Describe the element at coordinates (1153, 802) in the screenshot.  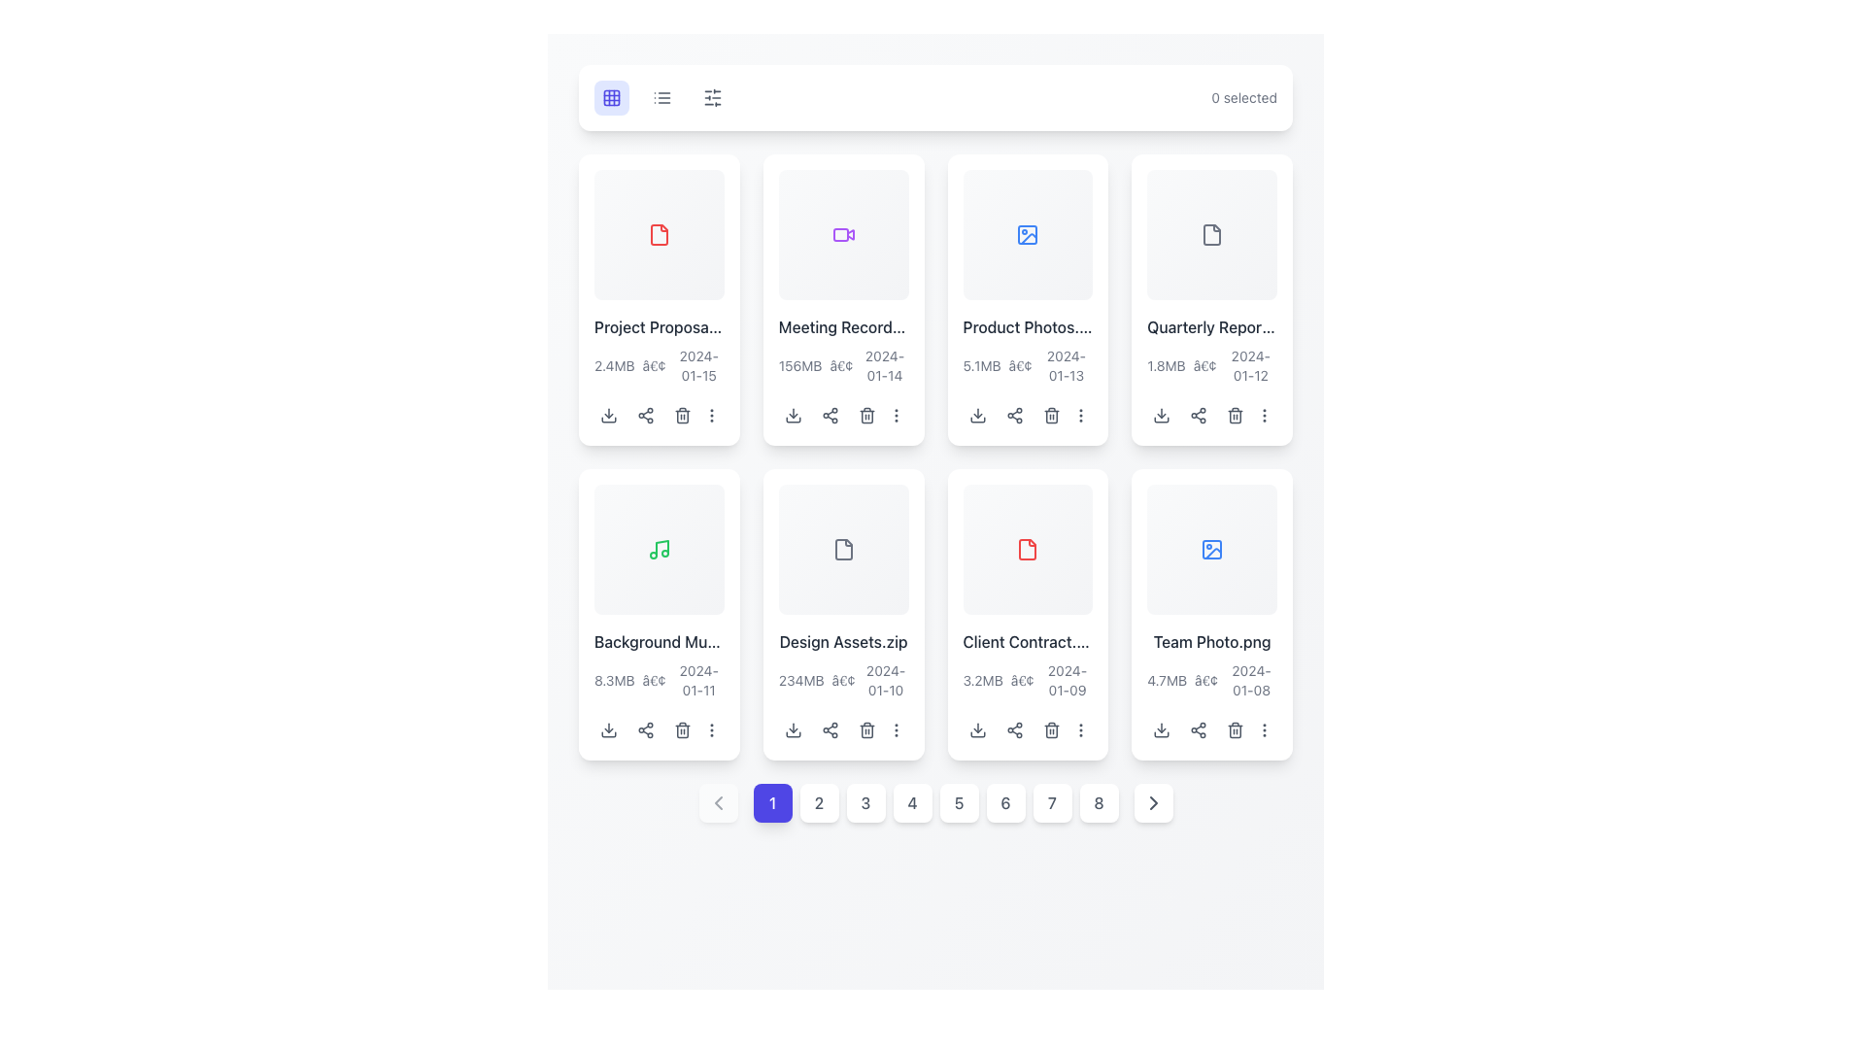
I see `the rightward-pointing chevron icon in the pagination navigation bar` at that location.